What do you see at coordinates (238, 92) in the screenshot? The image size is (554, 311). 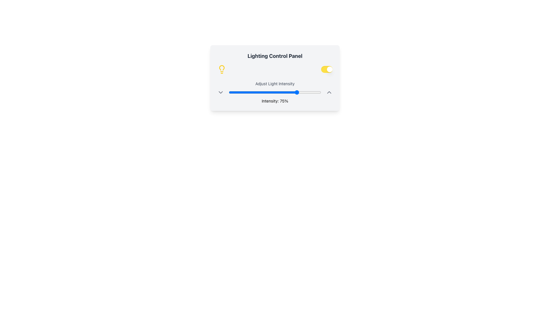 I see `light intensity` at bounding box center [238, 92].